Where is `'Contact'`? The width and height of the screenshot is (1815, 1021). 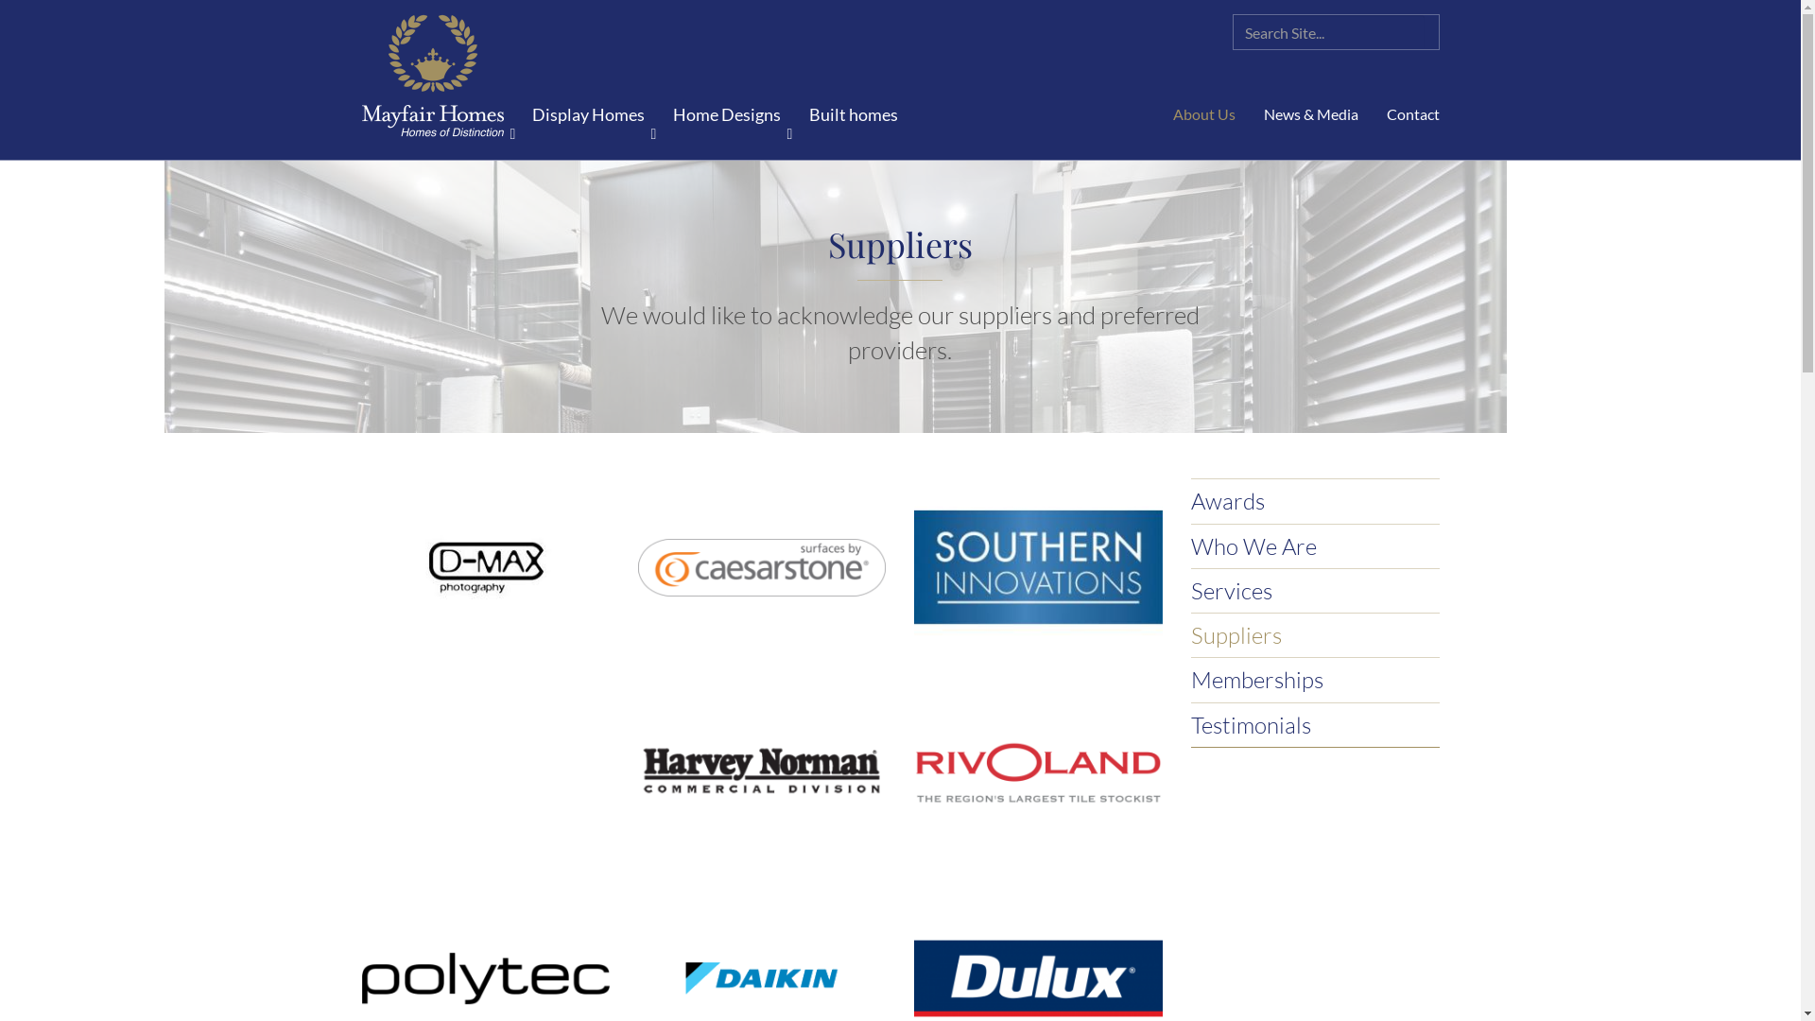
'Contact' is located at coordinates (1406, 113).